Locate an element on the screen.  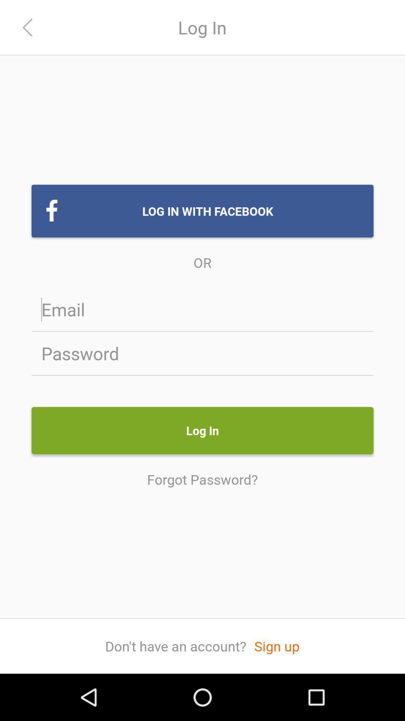
password field is located at coordinates (202, 353).